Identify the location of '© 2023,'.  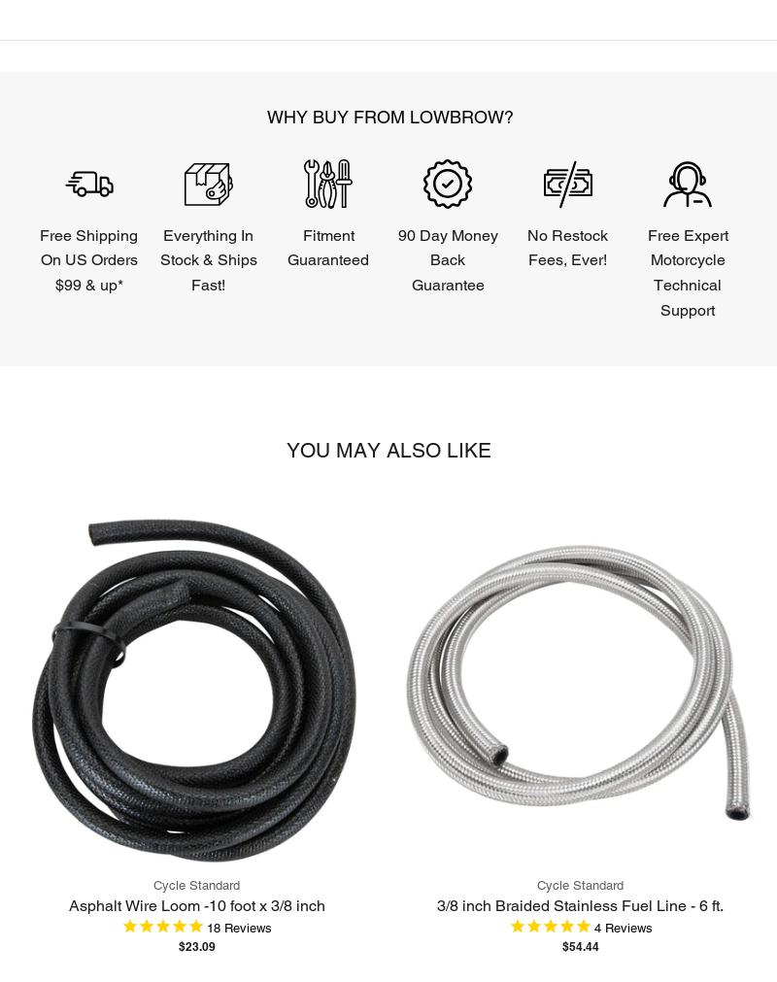
(38, 534).